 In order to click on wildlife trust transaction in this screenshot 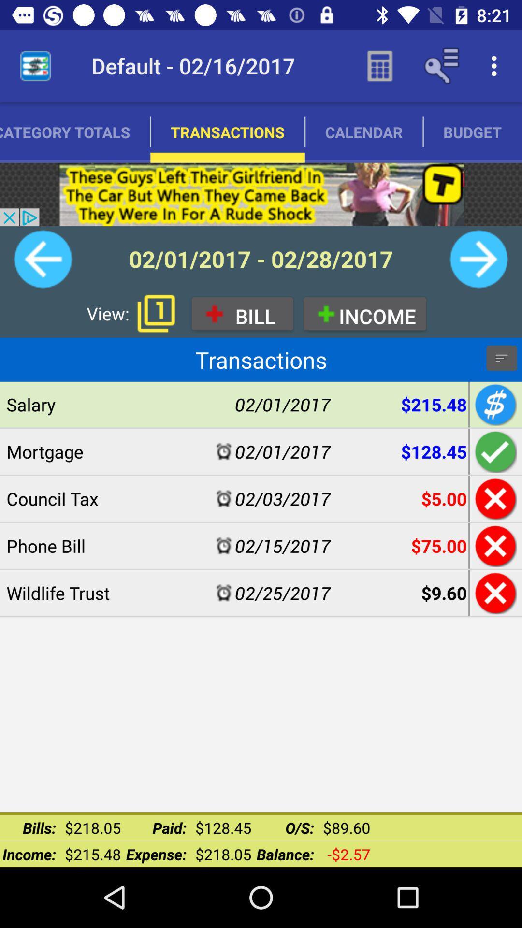, I will do `click(494, 593)`.